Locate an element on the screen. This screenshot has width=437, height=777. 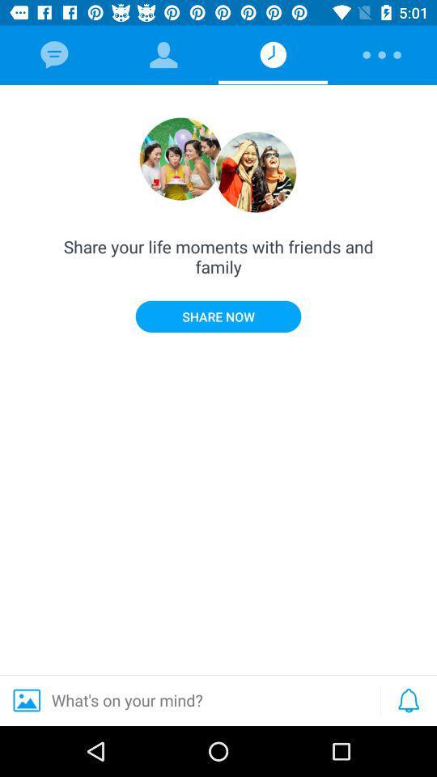
the what s on is located at coordinates (187, 699).